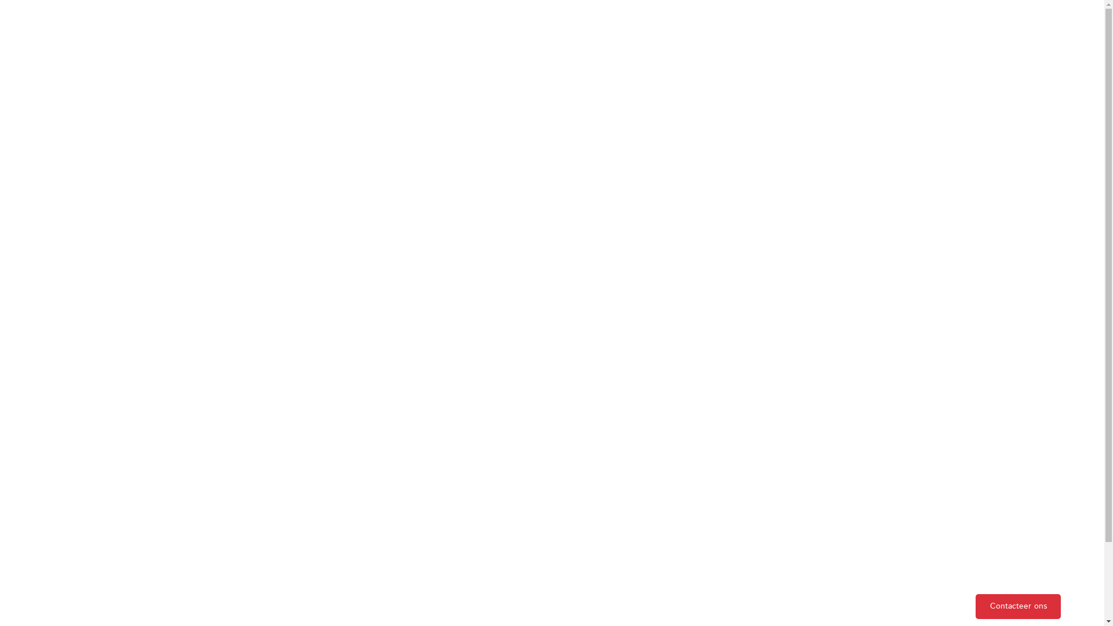 The image size is (1113, 626). I want to click on 'Contacteer ons', so click(1017, 606).